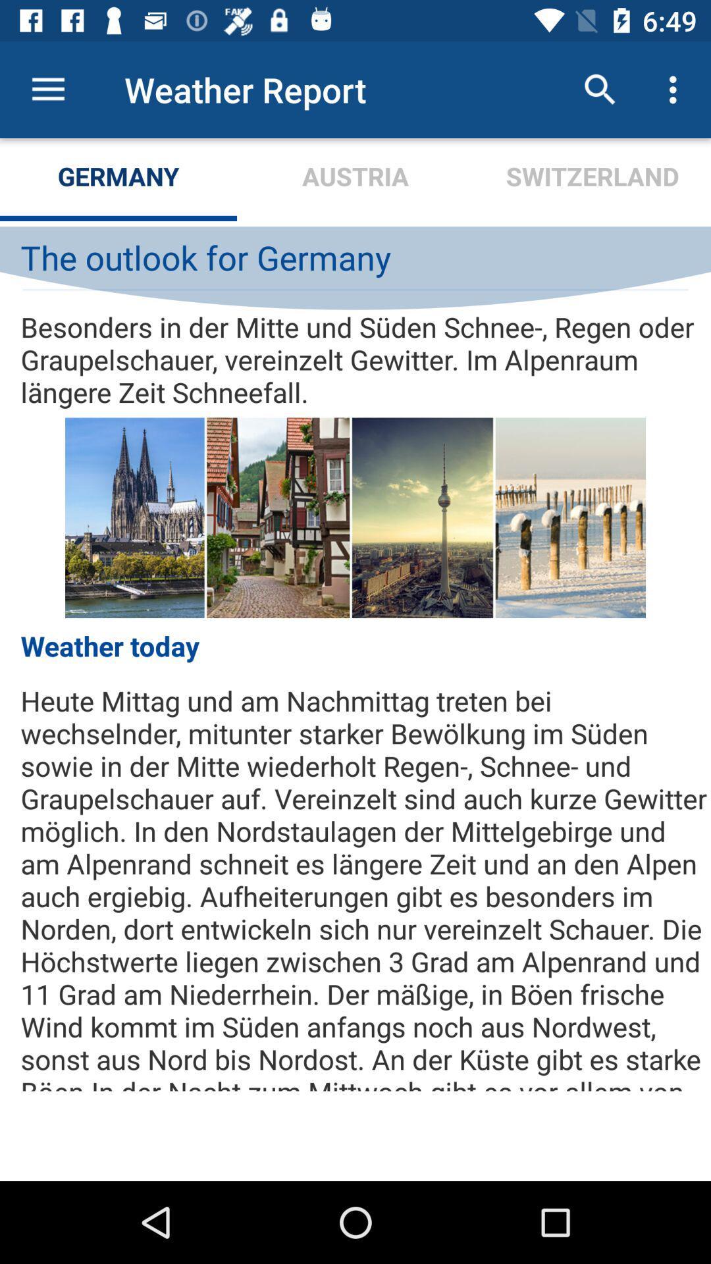 Image resolution: width=711 pixels, height=1264 pixels. I want to click on icon to the left of switzerland icon, so click(355, 179).